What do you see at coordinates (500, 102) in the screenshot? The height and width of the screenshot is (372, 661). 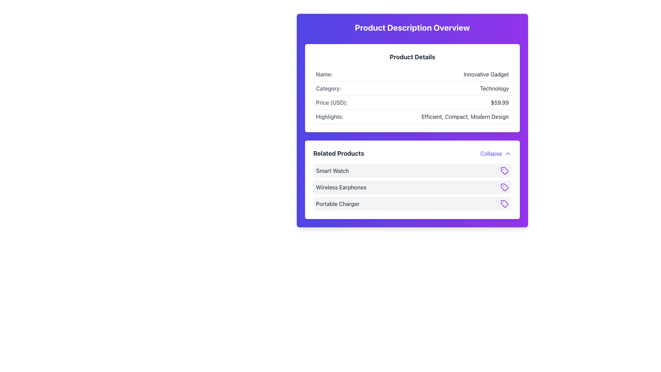 I see `the price text label displaying '$59.99' located in the 'Product Details' section of the card, positioned to the right of 'Price (USD):'` at bounding box center [500, 102].